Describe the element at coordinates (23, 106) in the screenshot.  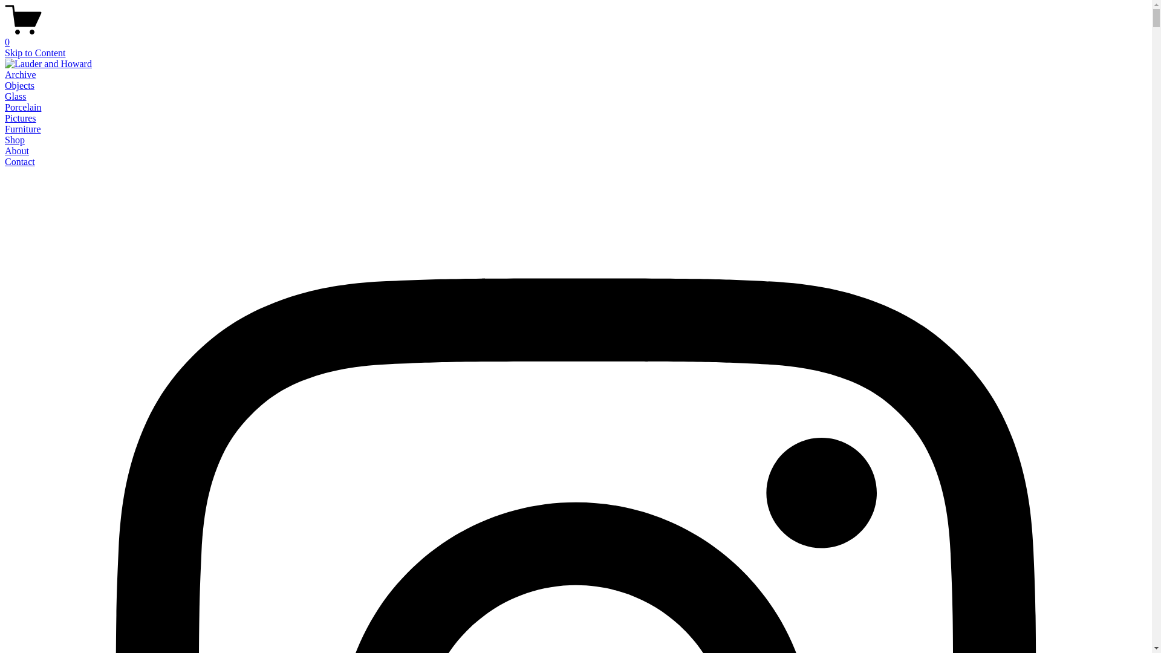
I see `'Porcelain'` at that location.